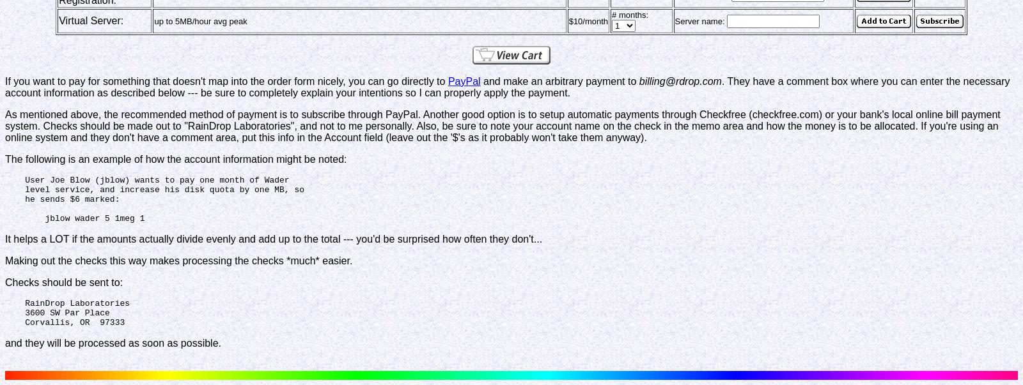 The width and height of the screenshot is (1023, 385). I want to click on '$10/month', so click(587, 20).